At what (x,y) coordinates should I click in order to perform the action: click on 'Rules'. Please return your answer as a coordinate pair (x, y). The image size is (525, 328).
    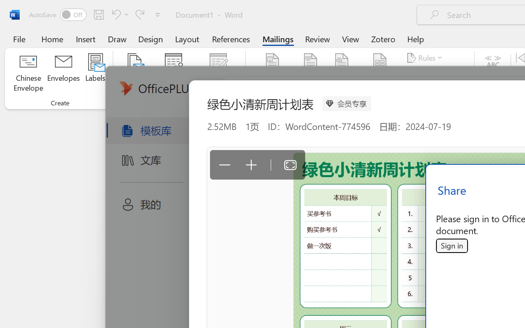
    Looking at the image, I should click on (426, 58).